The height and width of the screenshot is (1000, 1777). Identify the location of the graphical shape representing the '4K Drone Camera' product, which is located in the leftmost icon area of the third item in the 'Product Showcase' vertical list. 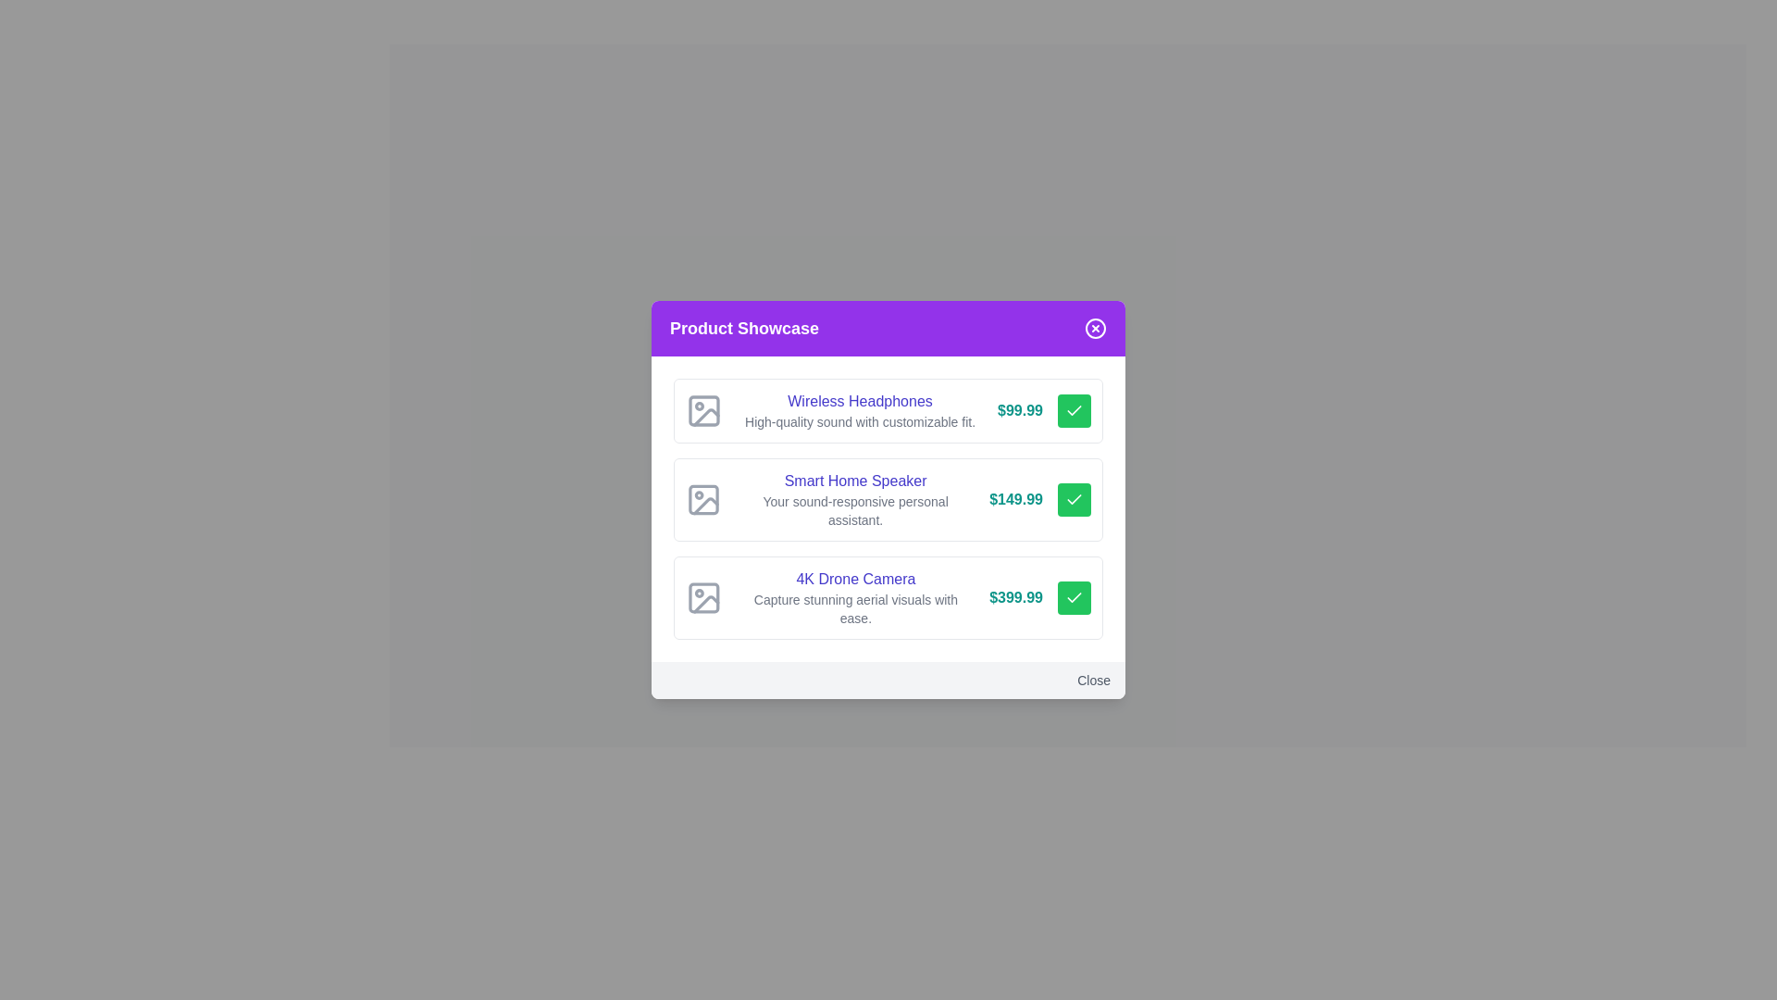
(702, 597).